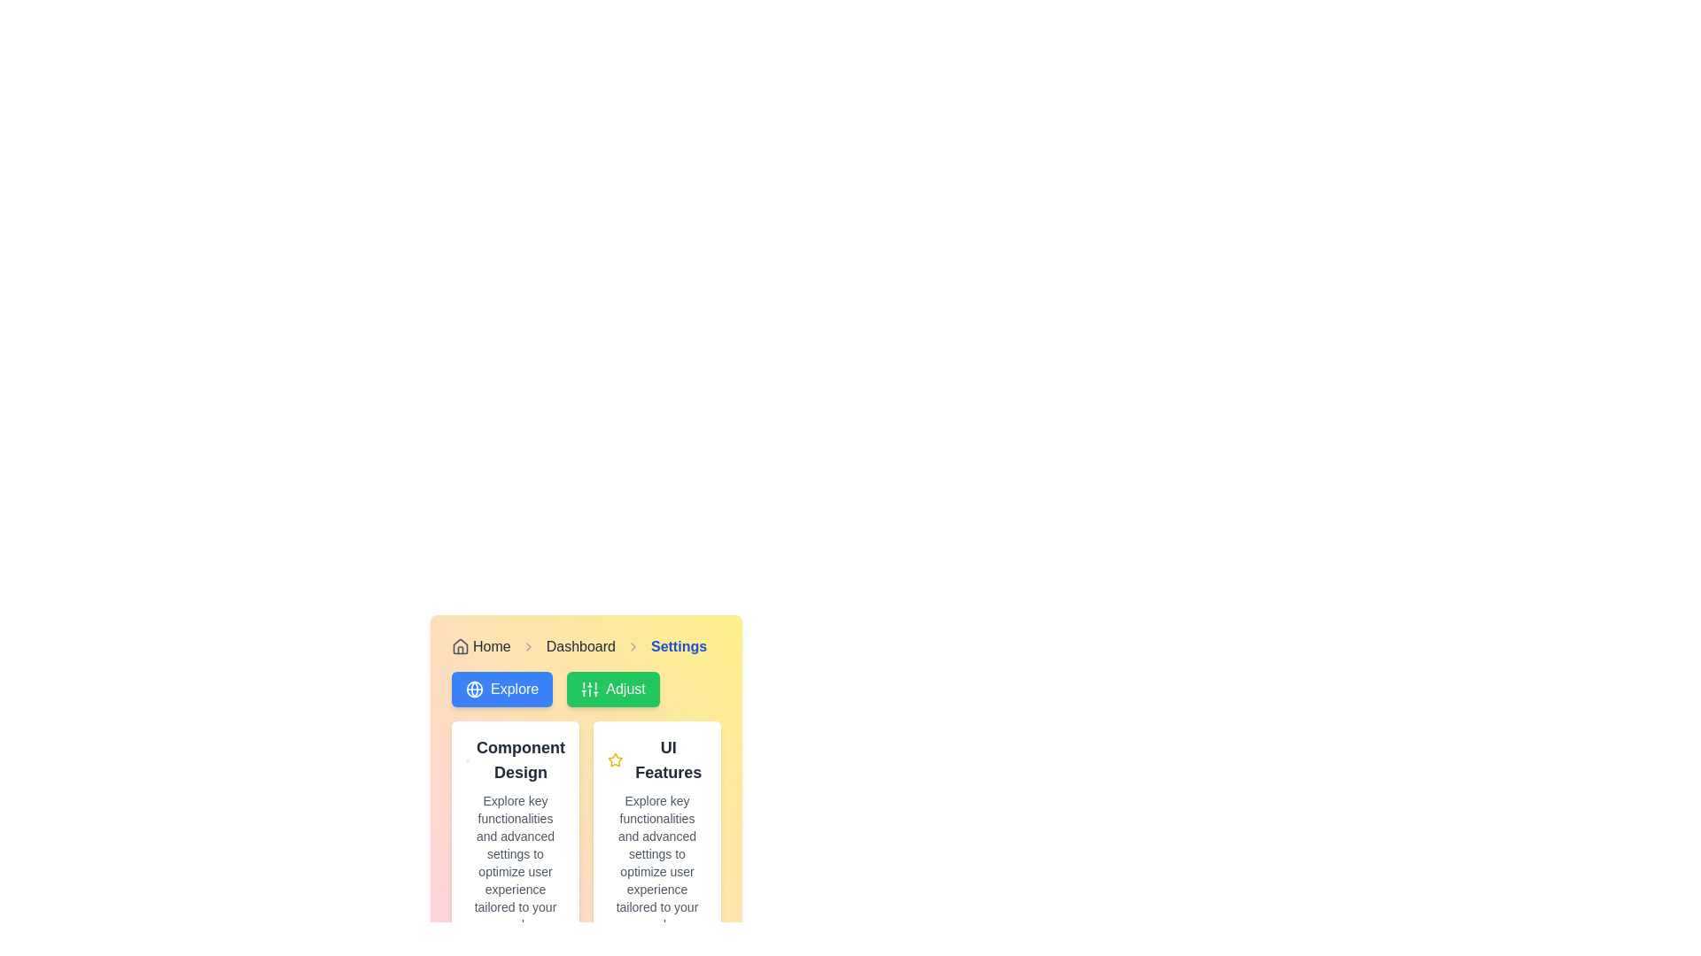 The width and height of the screenshot is (1701, 956). Describe the element at coordinates (590, 689) in the screenshot. I see `the green button labeled 'Adjust' which contains the icon used for adjusting settings, located near the top-center section of the interface` at that location.